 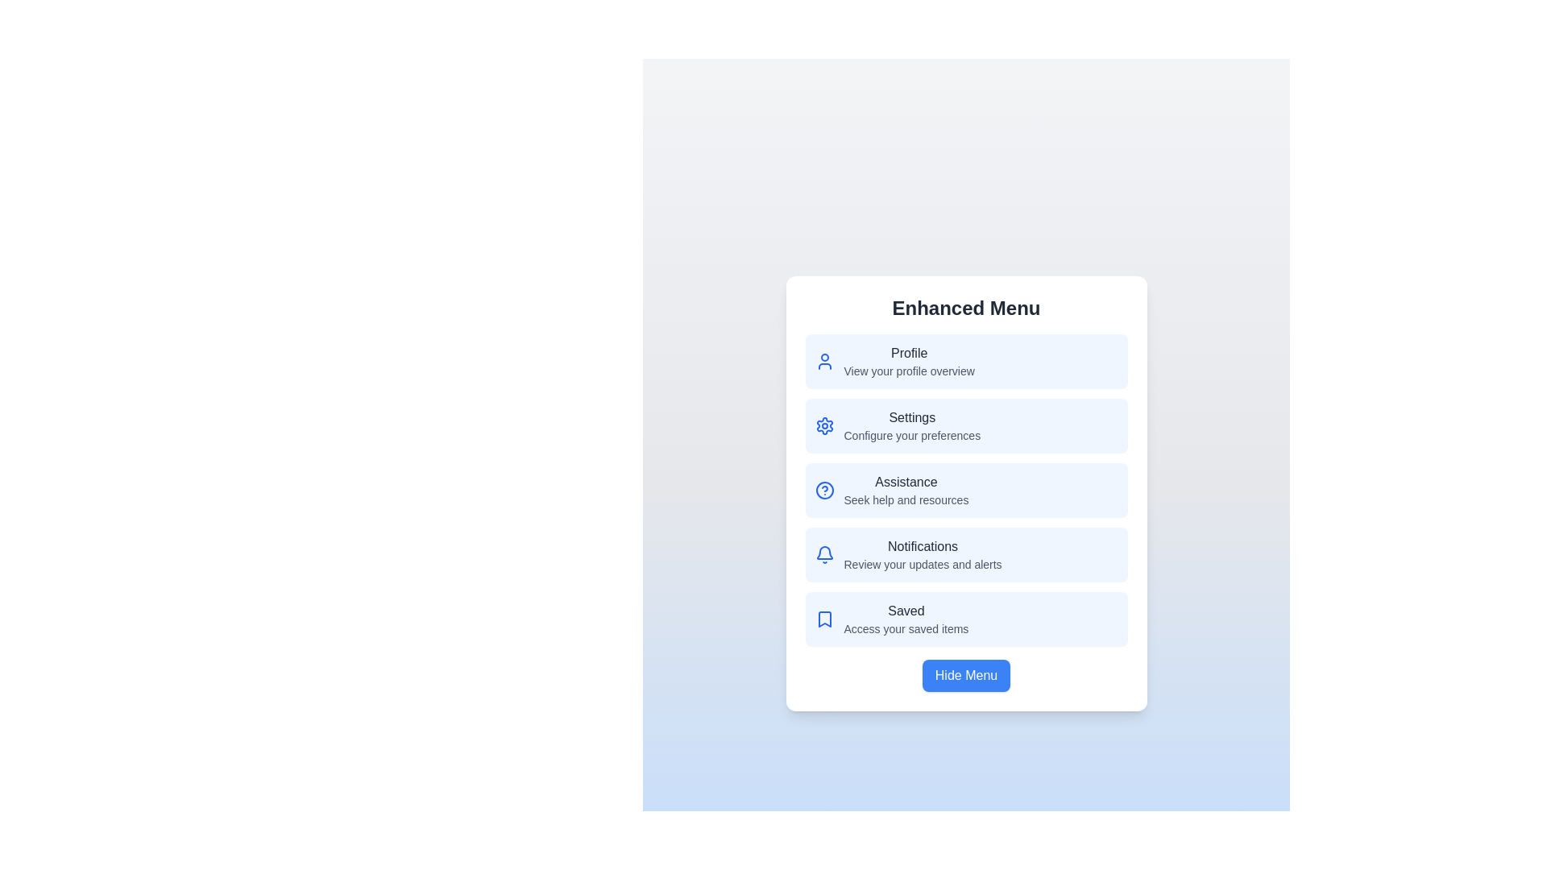 I want to click on the menu option Settings to view its details, so click(x=966, y=425).